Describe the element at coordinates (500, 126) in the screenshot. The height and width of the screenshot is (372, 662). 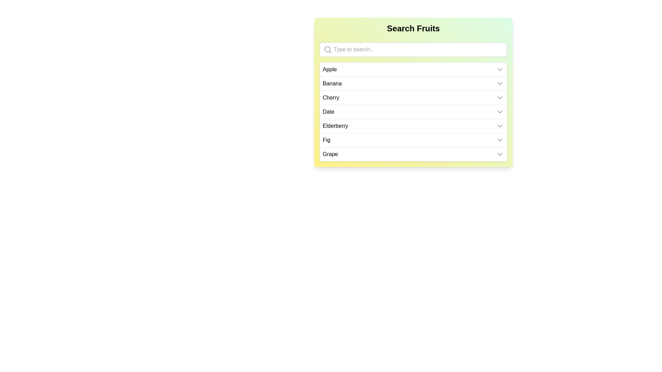
I see `the chevron icon button located on the extreme right side of the row labeled 'Elderberry' to trigger the hover effect` at that location.